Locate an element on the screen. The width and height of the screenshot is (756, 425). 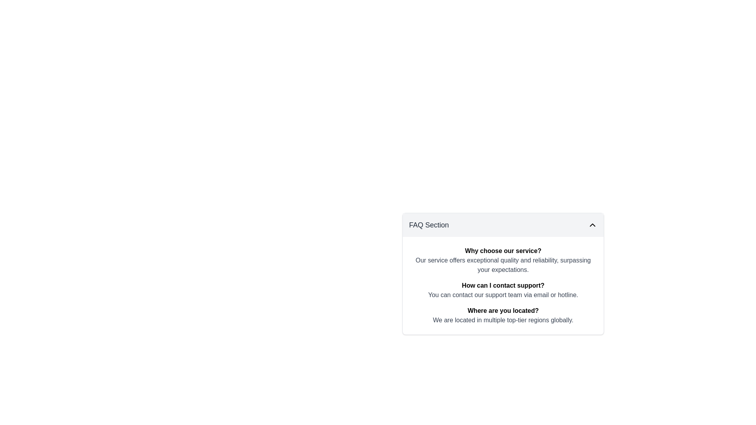
the second Information Block that provides FAQ information about contacting support, positioned between 'Why choose our service?' and 'Where are you located?' is located at coordinates (502, 290).